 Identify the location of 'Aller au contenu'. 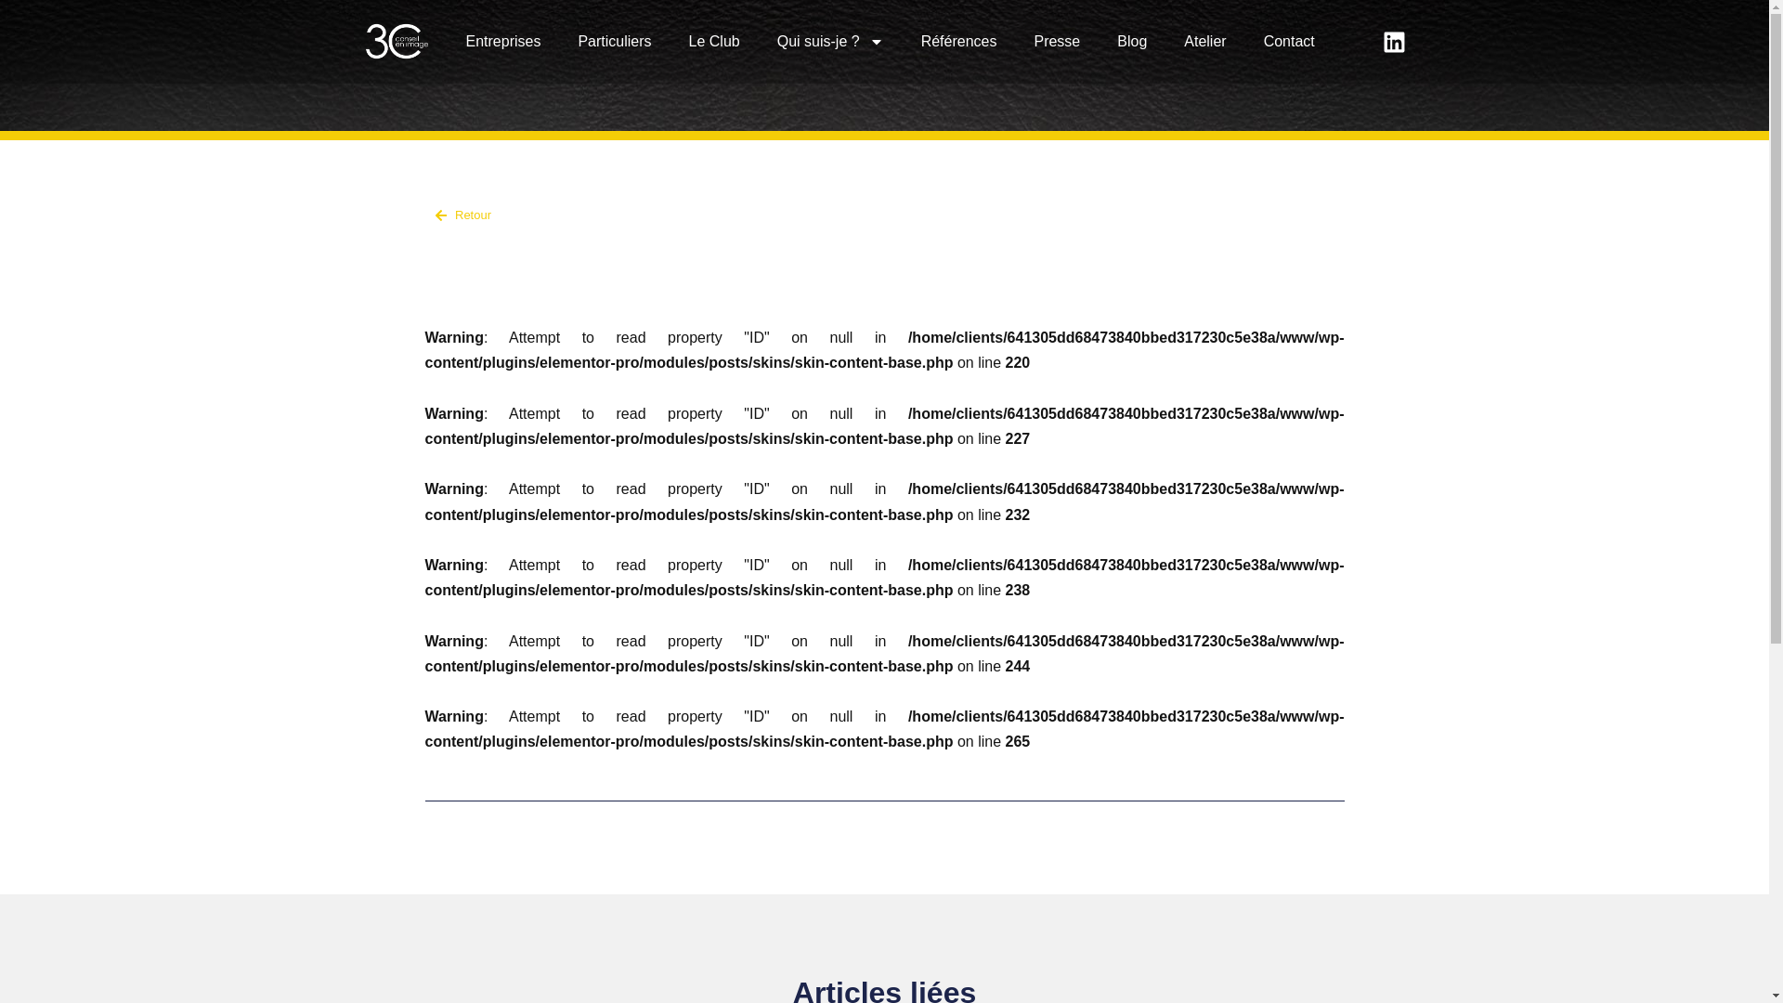
(13, 39).